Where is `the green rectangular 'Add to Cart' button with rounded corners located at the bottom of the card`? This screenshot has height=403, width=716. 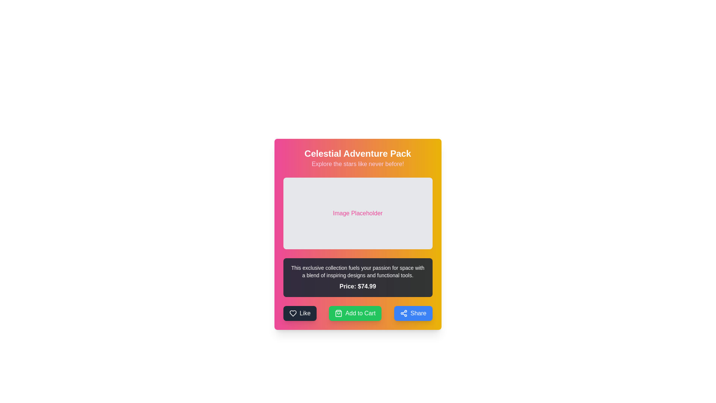 the green rectangular 'Add to Cart' button with rounded corners located at the bottom of the card is located at coordinates (357, 313).